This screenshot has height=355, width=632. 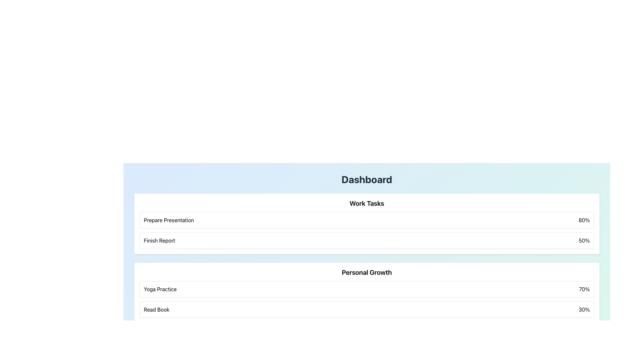 What do you see at coordinates (160, 289) in the screenshot?
I see `the 'Yoga Practice' text label for reading` at bounding box center [160, 289].